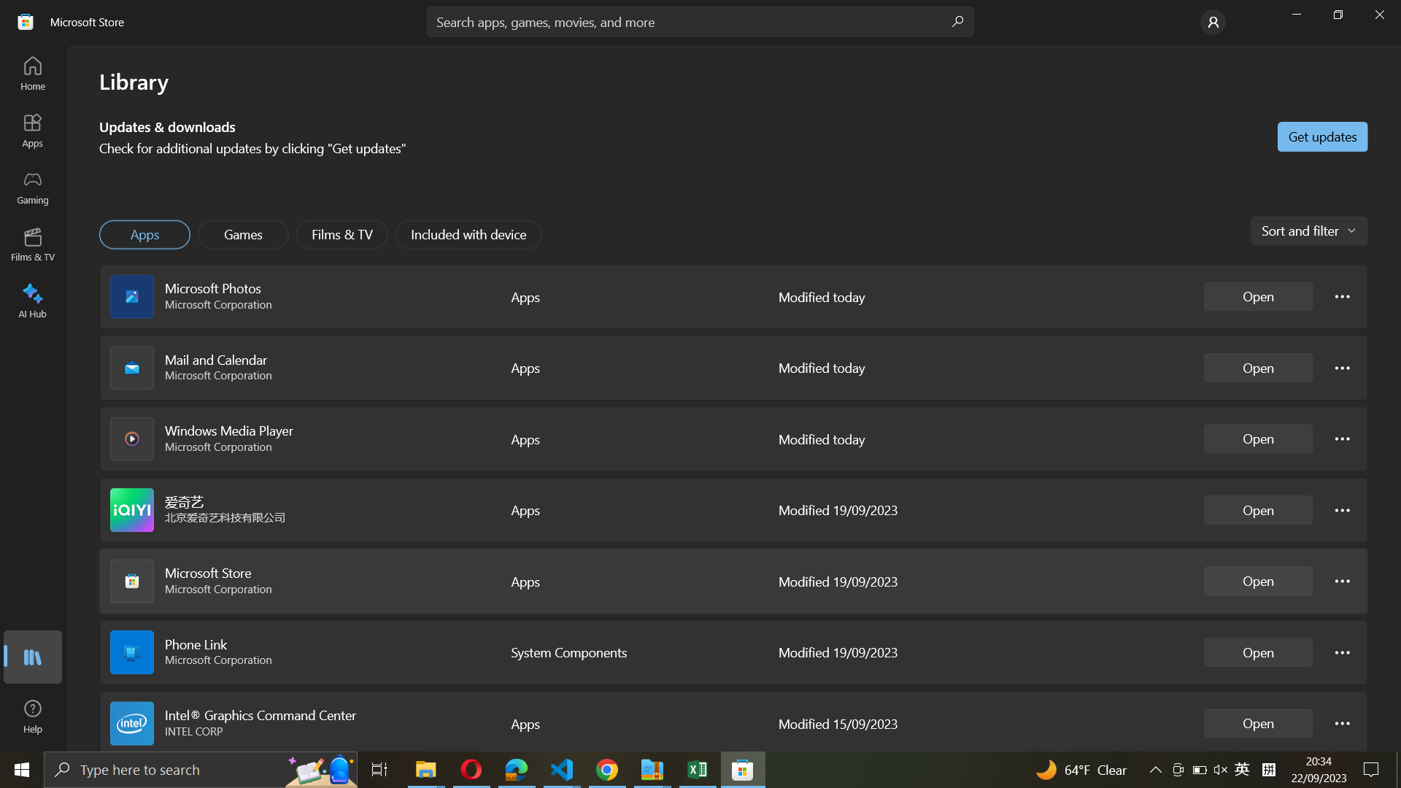 Image resolution: width=1401 pixels, height=788 pixels. Describe the element at coordinates (244, 233) in the screenshot. I see `Games section` at that location.